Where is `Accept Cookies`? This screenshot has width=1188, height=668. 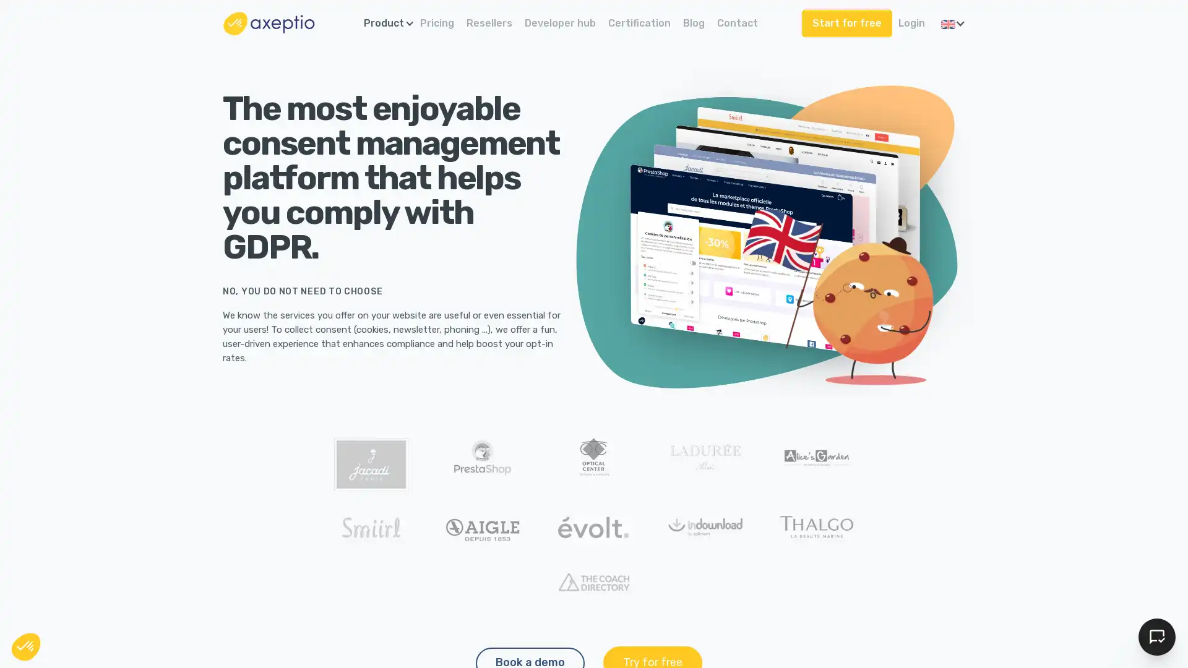
Accept Cookies is located at coordinates (1156, 636).